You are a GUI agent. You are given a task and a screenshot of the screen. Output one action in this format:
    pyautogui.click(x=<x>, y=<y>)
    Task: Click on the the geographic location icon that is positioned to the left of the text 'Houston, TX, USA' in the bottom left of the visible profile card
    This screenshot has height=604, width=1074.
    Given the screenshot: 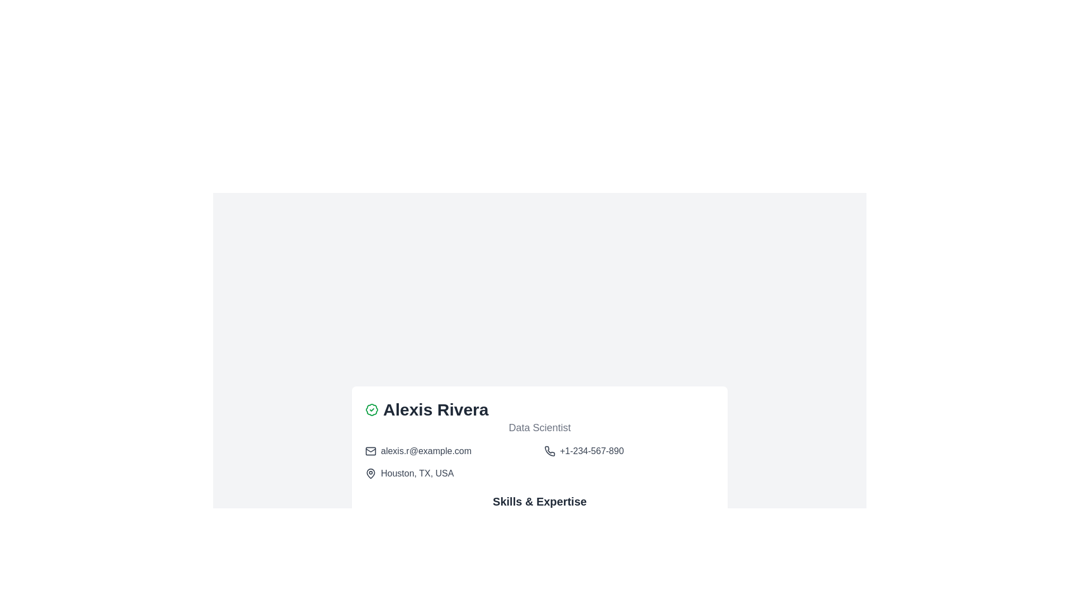 What is the action you would take?
    pyautogui.click(x=370, y=474)
    